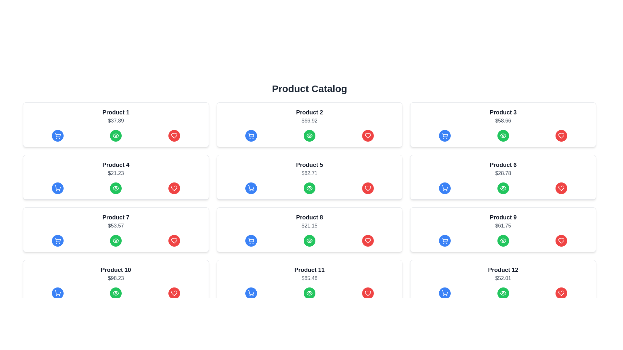 Image resolution: width=623 pixels, height=350 pixels. I want to click on the 'view' icon associated with 'Product 6 ($28.78)' in the product catalog, which is the second icon in the second row, so click(503, 135).